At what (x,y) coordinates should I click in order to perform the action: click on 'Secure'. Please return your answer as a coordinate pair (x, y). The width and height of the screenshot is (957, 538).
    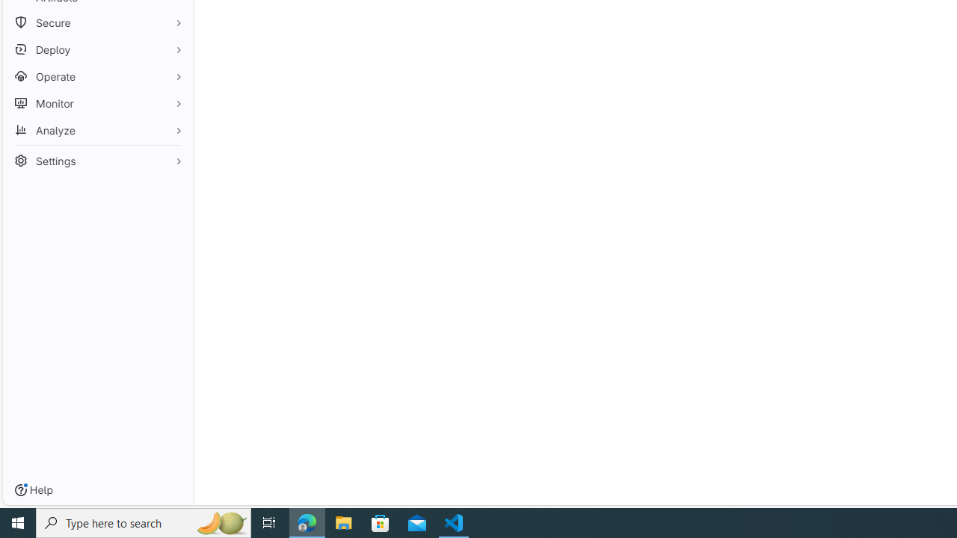
    Looking at the image, I should click on (97, 22).